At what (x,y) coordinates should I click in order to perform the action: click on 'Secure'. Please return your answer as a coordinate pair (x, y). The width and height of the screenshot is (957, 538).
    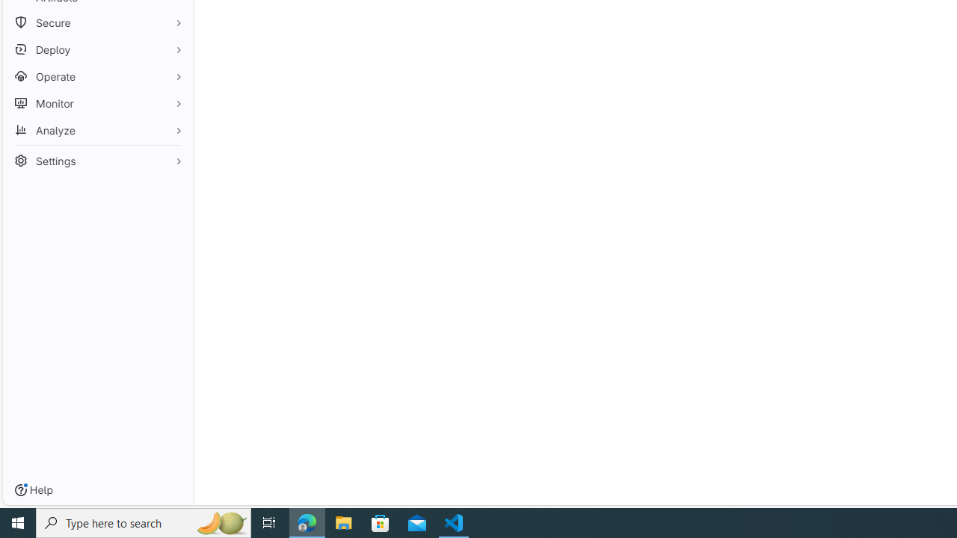
    Looking at the image, I should click on (97, 22).